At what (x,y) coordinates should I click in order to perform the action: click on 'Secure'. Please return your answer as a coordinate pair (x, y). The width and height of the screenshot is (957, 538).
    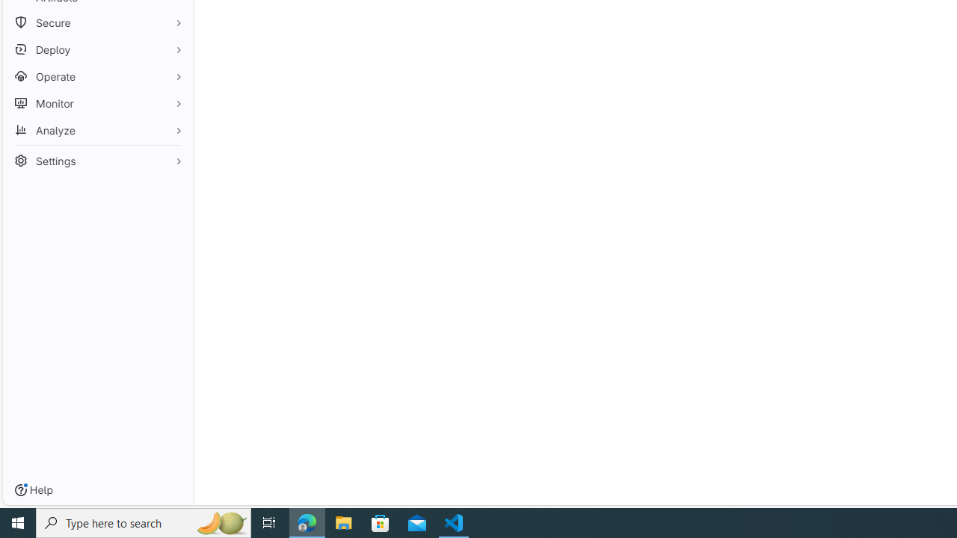
    Looking at the image, I should click on (97, 22).